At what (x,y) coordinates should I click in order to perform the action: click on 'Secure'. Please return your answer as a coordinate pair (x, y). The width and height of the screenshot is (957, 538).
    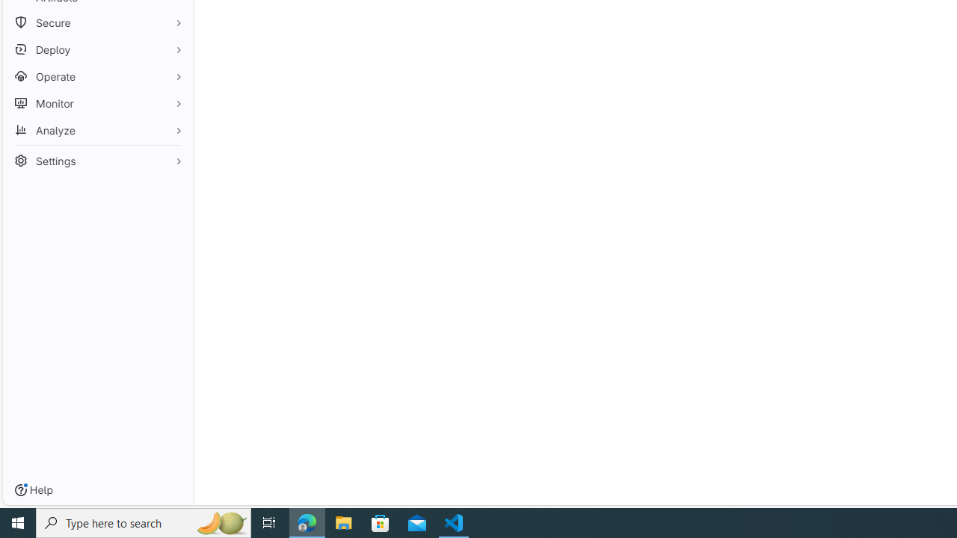
    Looking at the image, I should click on (97, 22).